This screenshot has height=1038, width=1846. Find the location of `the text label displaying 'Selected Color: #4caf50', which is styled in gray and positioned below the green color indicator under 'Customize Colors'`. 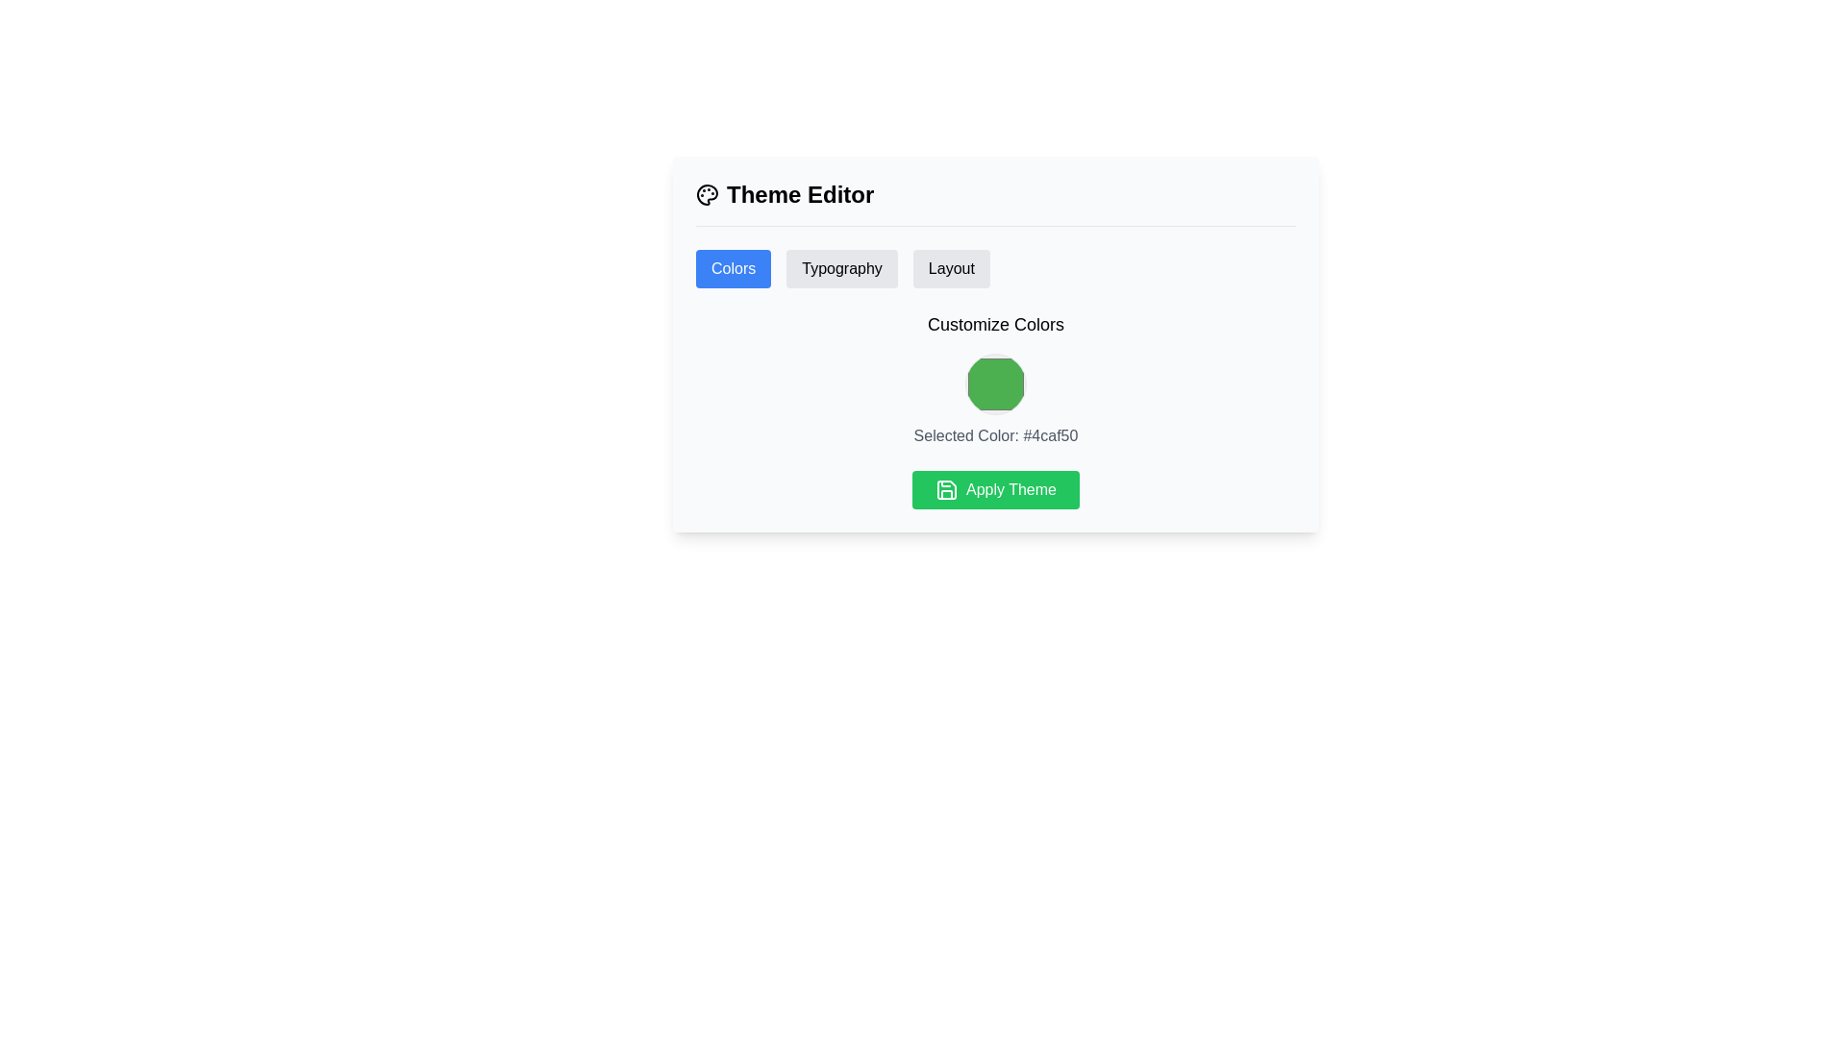

the text label displaying 'Selected Color: #4caf50', which is styled in gray and positioned below the green color indicator under 'Customize Colors' is located at coordinates (996, 436).